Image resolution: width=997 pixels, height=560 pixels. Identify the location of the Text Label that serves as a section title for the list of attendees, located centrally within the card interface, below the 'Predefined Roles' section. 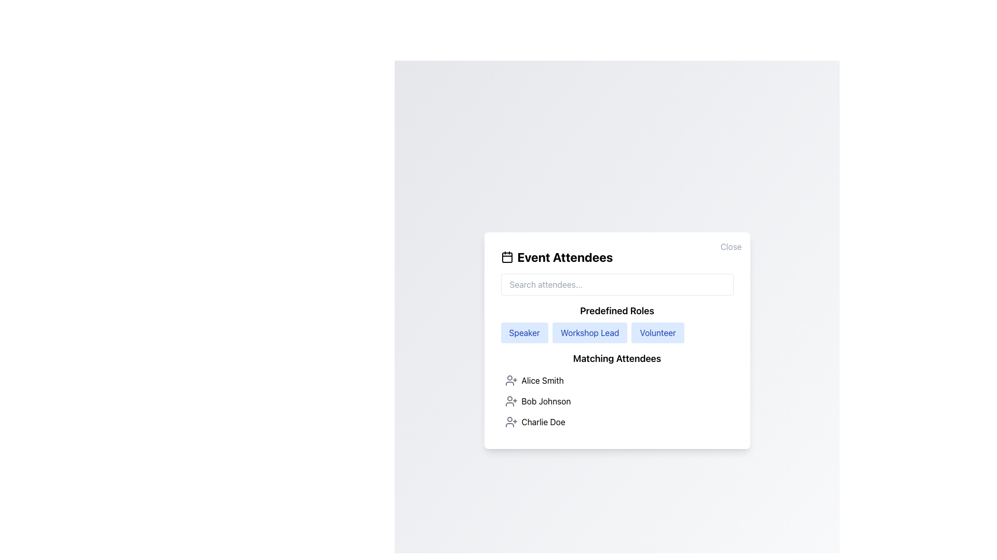
(617, 358).